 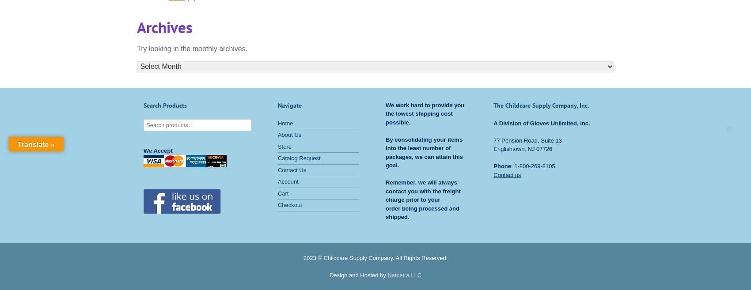 I want to click on 'Navigate', so click(x=289, y=105).